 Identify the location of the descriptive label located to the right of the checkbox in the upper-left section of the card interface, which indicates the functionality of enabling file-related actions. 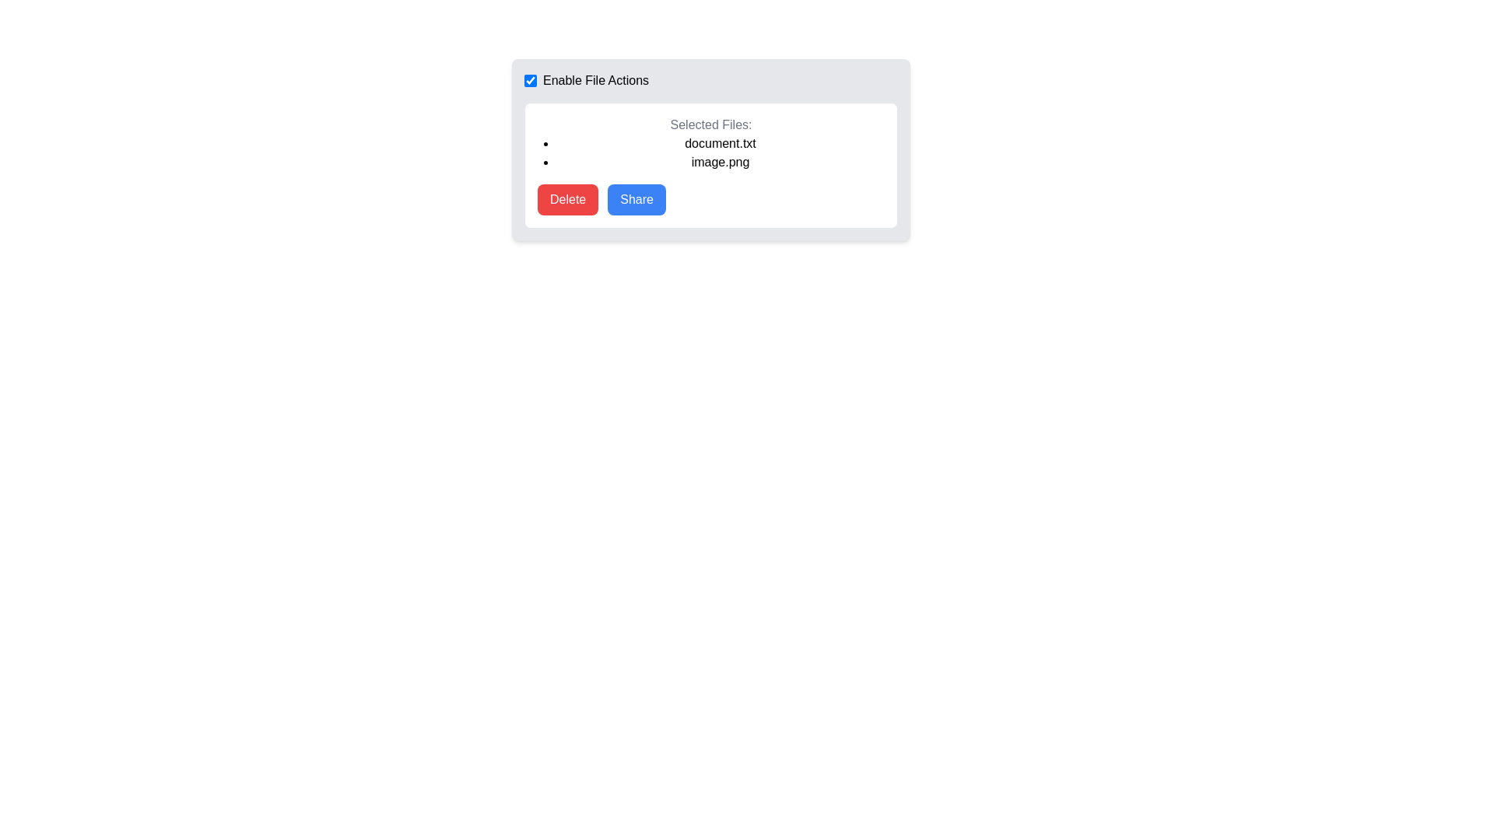
(585, 81).